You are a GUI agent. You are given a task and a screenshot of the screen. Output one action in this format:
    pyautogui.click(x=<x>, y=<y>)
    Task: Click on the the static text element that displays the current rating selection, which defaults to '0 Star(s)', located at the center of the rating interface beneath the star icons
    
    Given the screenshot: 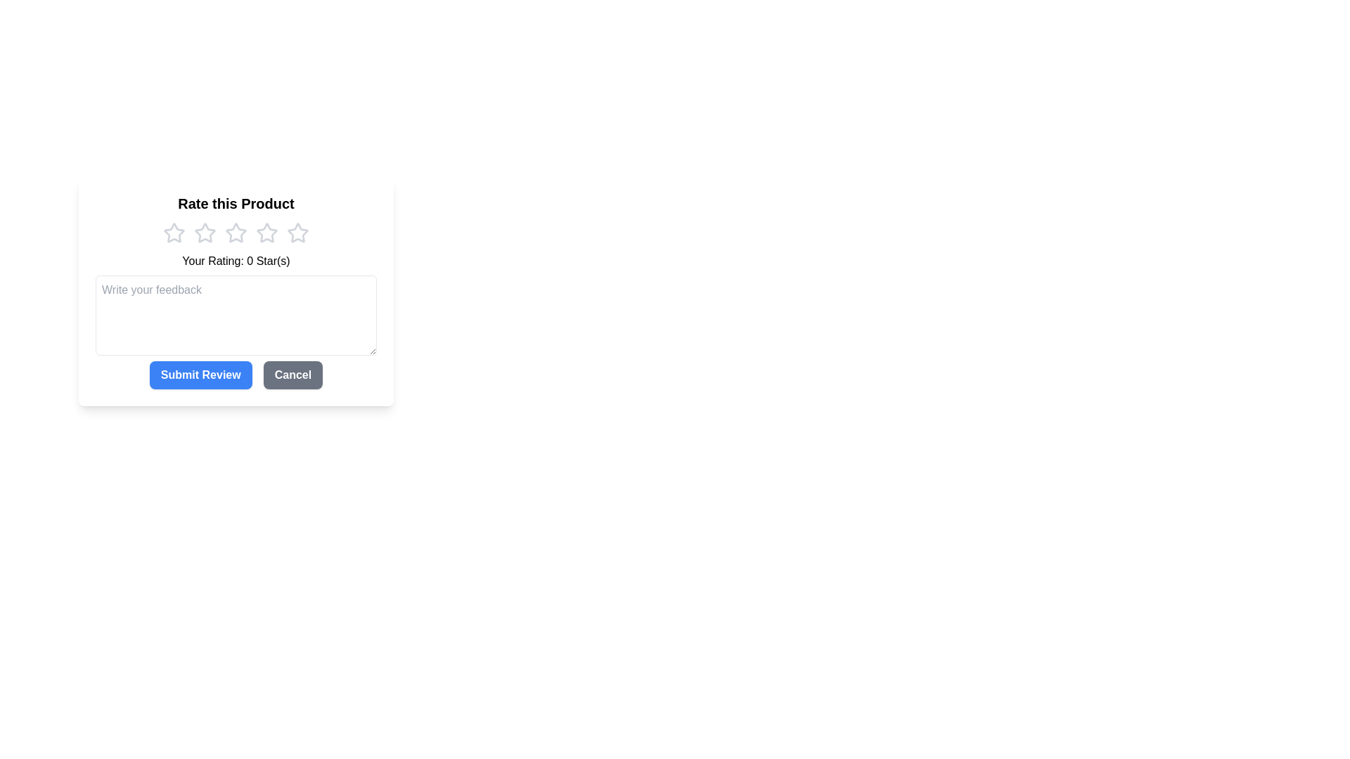 What is the action you would take?
    pyautogui.click(x=236, y=261)
    